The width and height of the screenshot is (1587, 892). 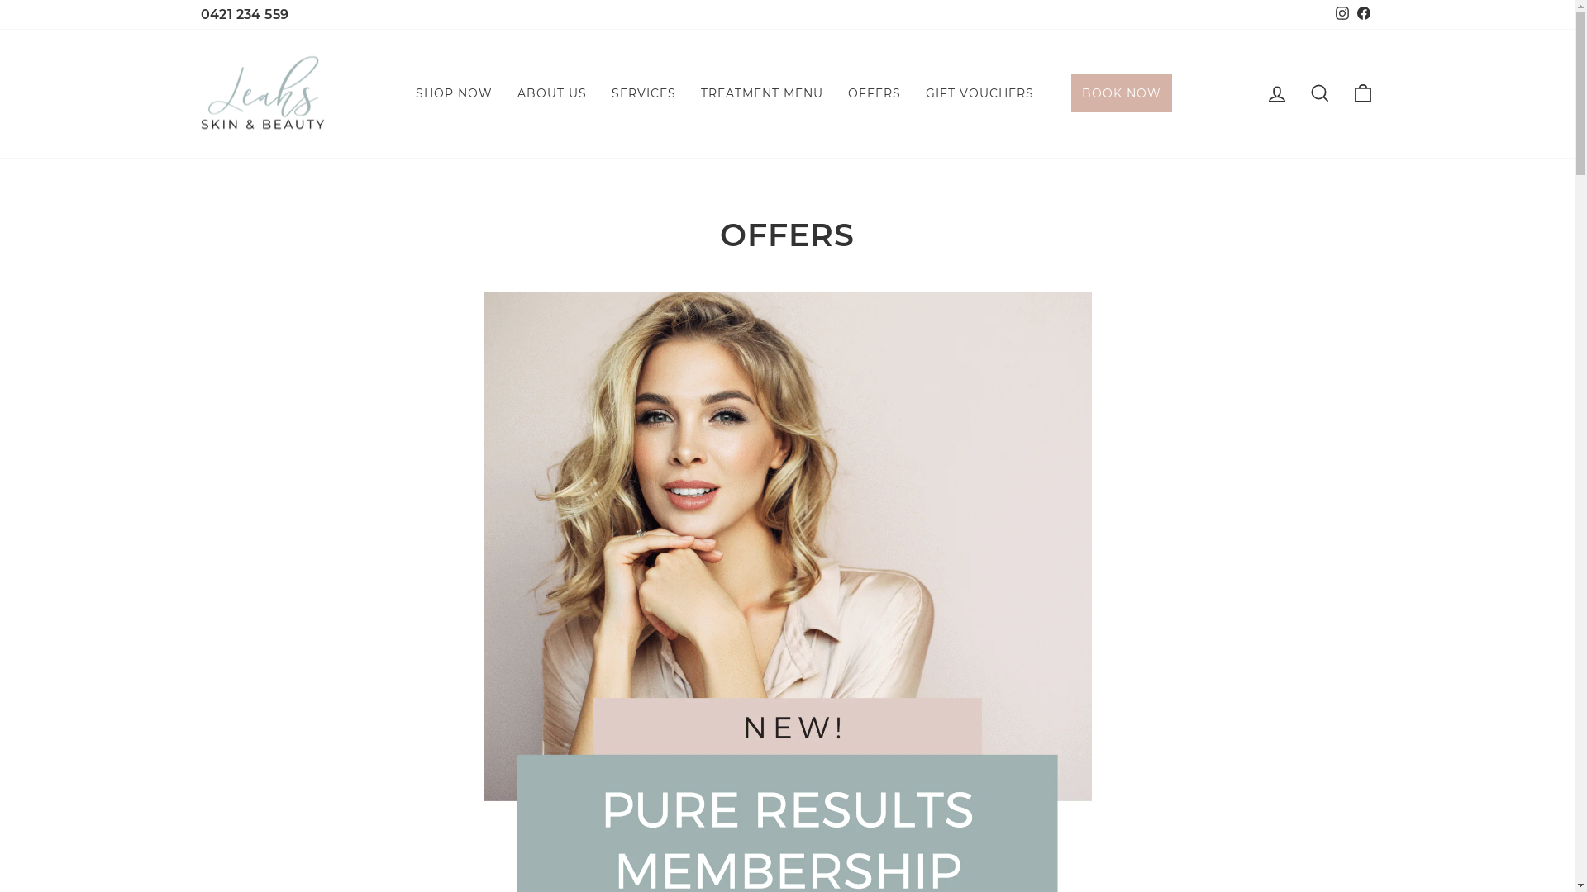 What do you see at coordinates (641, 93) in the screenshot?
I see `'SERVICES'` at bounding box center [641, 93].